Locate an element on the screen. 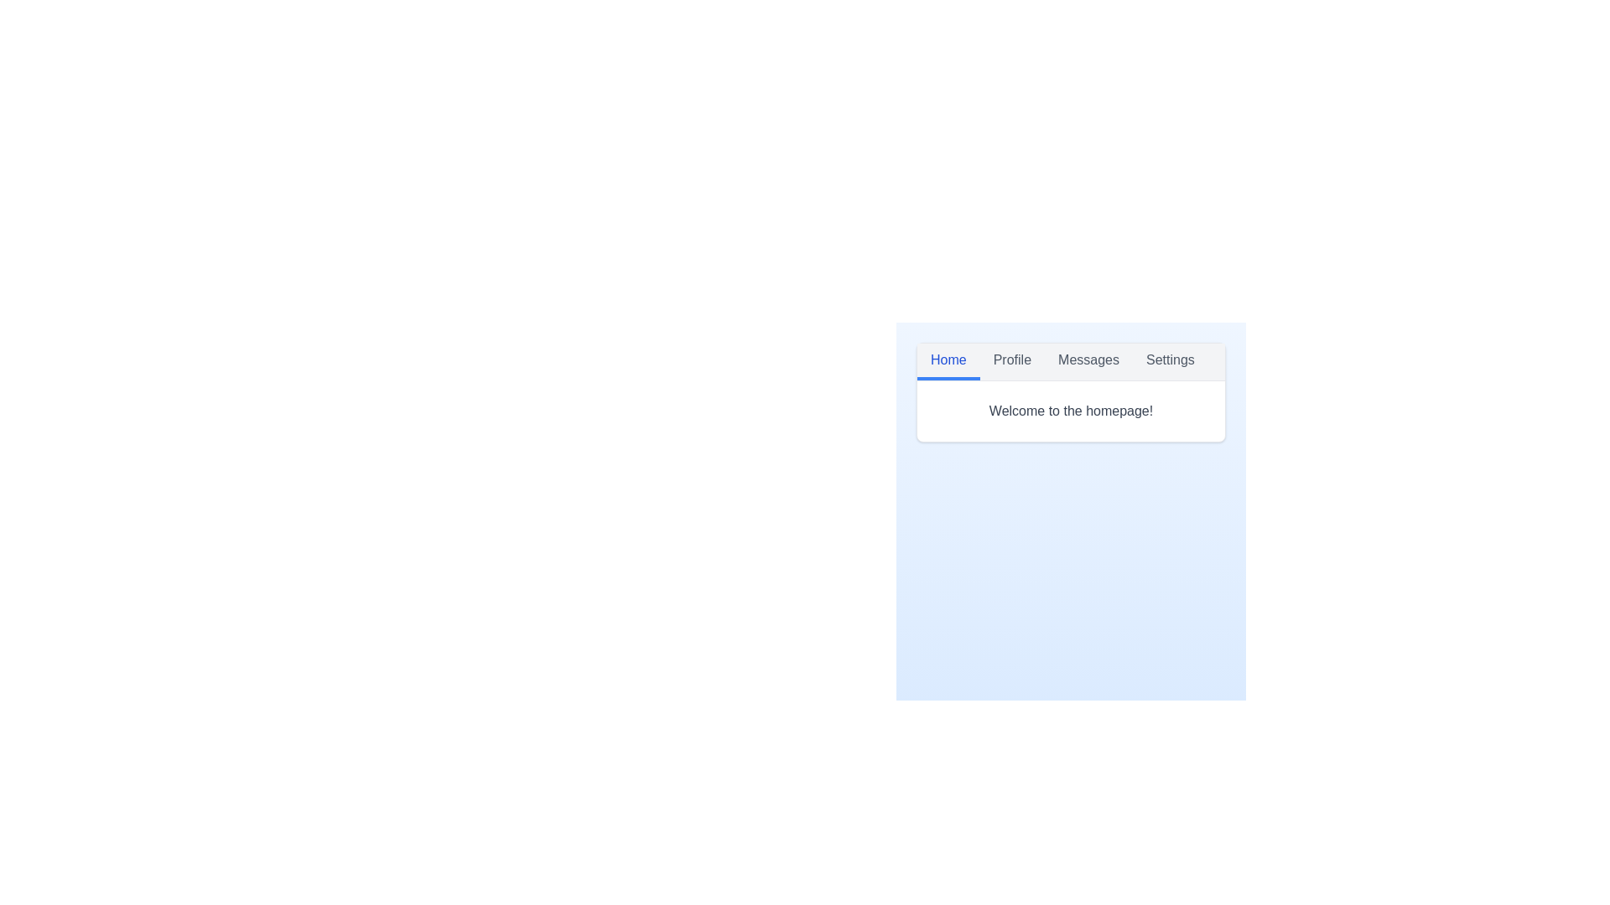 Image resolution: width=1610 pixels, height=905 pixels. the 'Settings' link in the top-right navigation menu is located at coordinates (1169, 361).